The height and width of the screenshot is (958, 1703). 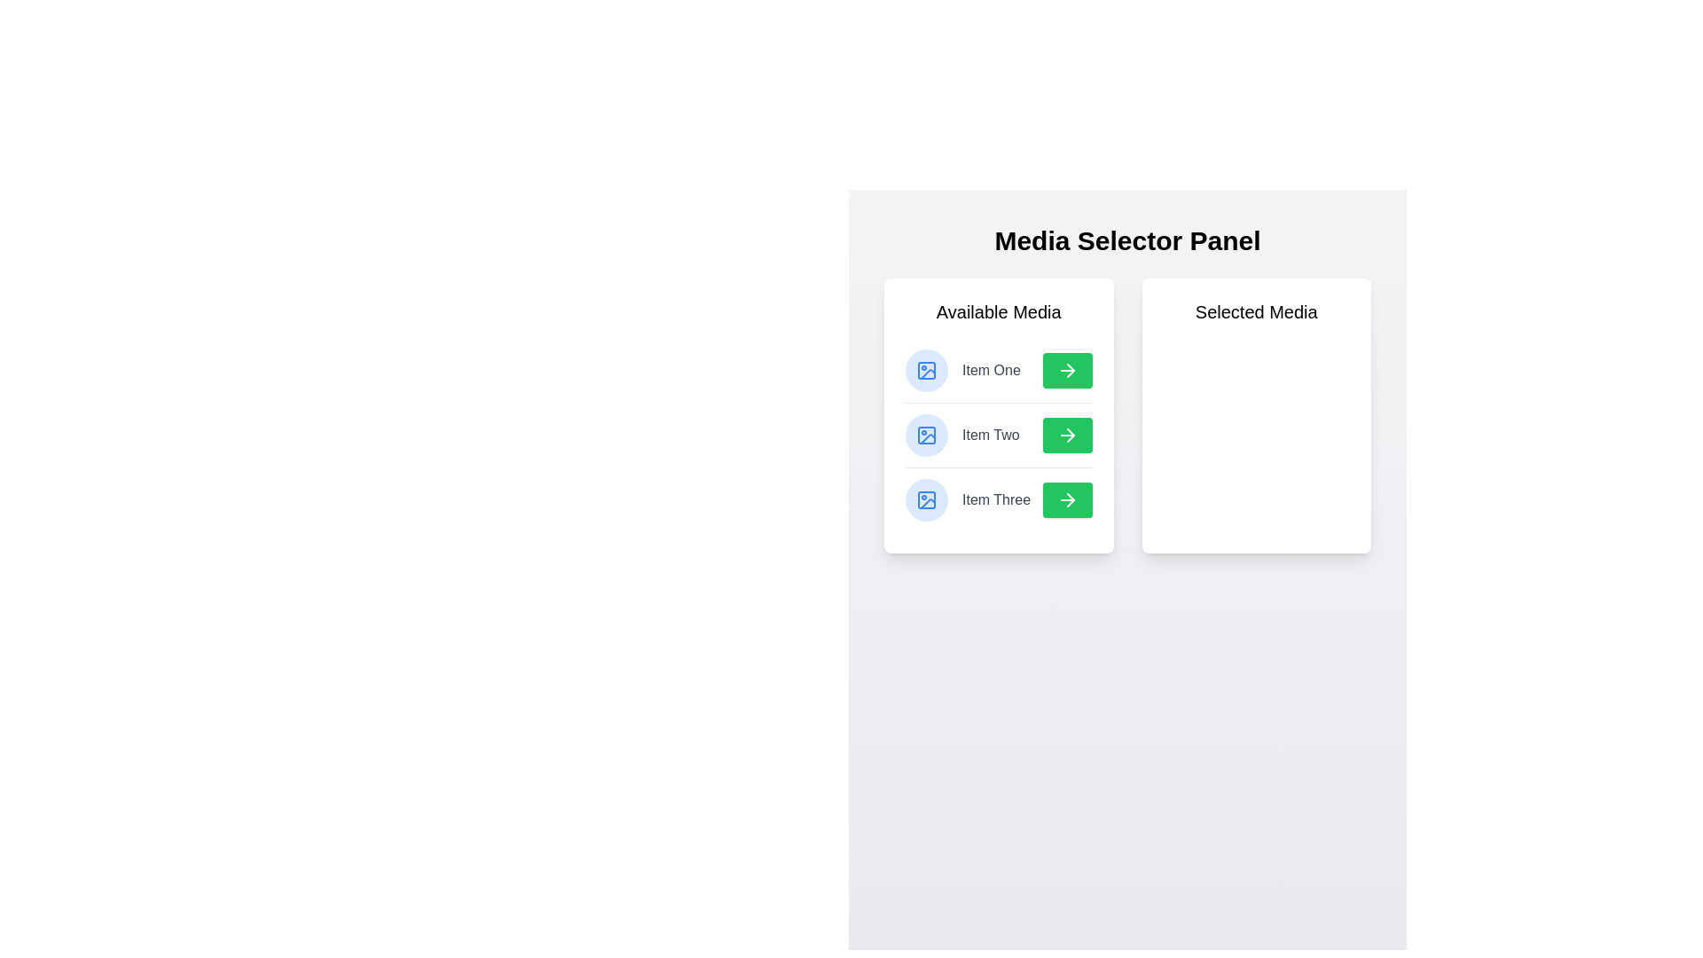 I want to click on the Text Label indicating the name or title of the third selectable media item in the 'Available Media' list, so click(x=996, y=499).